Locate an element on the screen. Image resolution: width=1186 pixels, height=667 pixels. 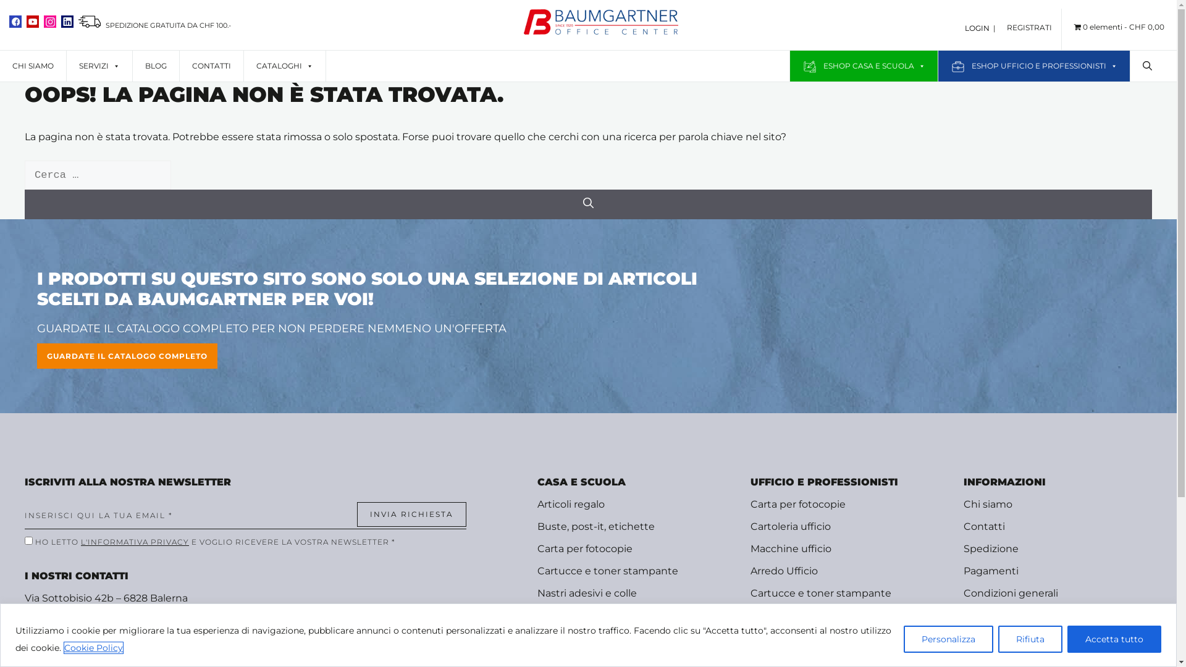
'Shop Baumgartner' is located at coordinates (601, 30).